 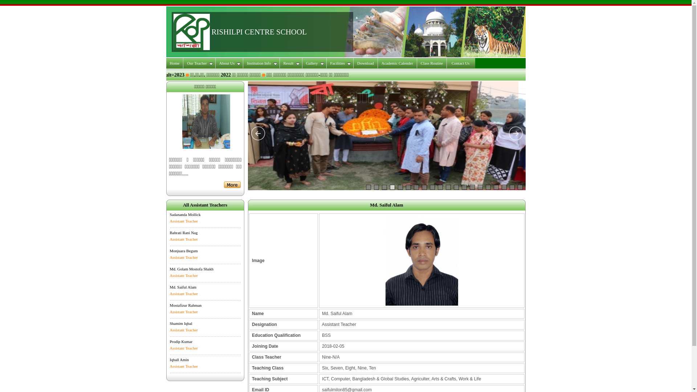 I want to click on 'Our Teacher', so click(x=199, y=62).